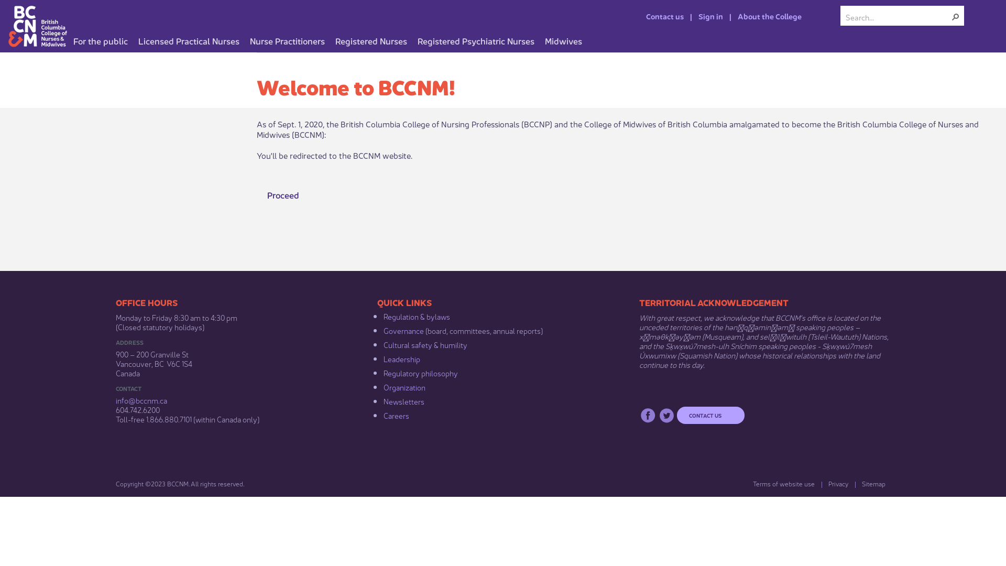 The image size is (1006, 566). What do you see at coordinates (396, 414) in the screenshot?
I see `'Careers'` at bounding box center [396, 414].